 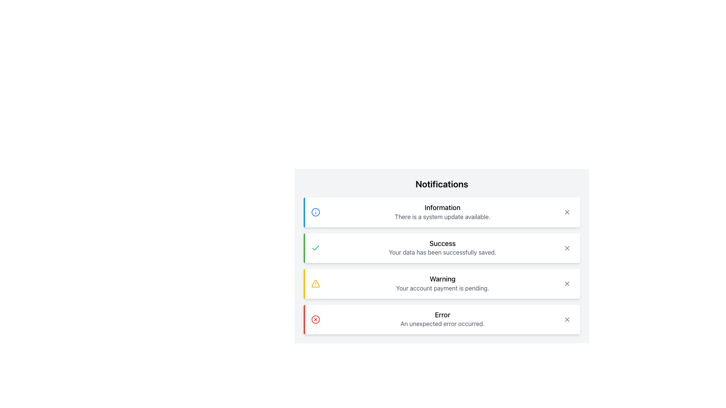 I want to click on the close button in the notification card titled 'Information', so click(x=567, y=212).